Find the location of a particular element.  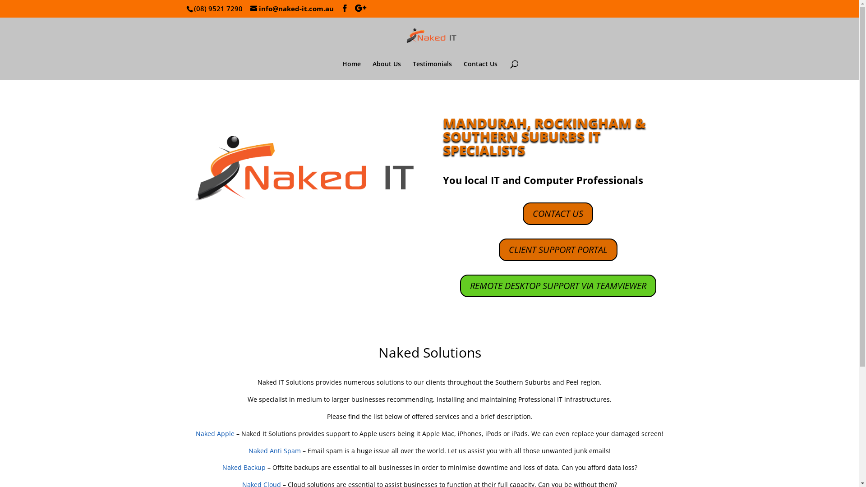

'About Us' is located at coordinates (387, 69).